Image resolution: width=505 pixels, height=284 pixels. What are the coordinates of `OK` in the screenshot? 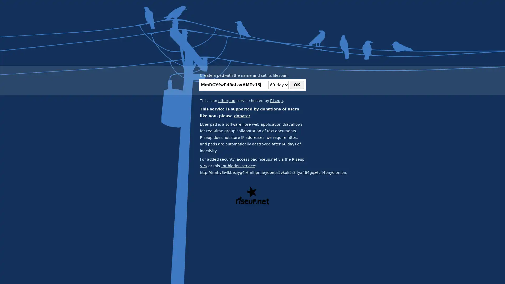 It's located at (297, 85).